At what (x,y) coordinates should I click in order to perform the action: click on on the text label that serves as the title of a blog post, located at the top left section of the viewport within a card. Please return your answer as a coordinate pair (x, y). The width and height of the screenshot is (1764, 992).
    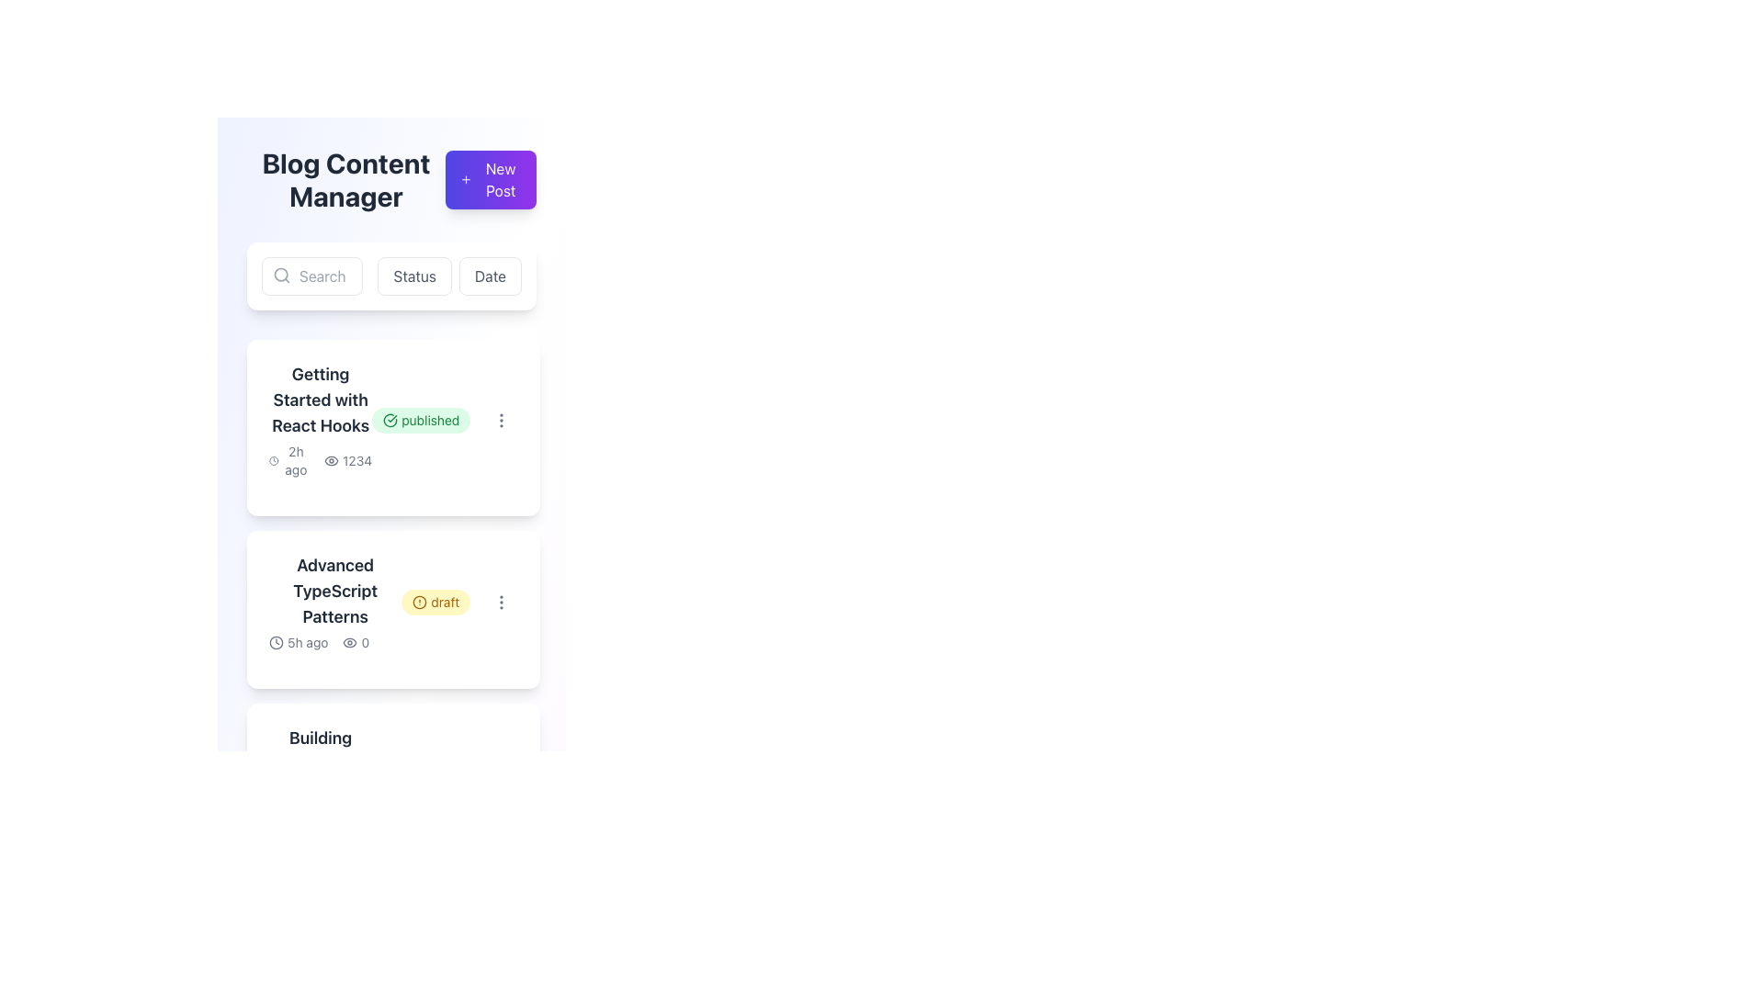
    Looking at the image, I should click on (321, 399).